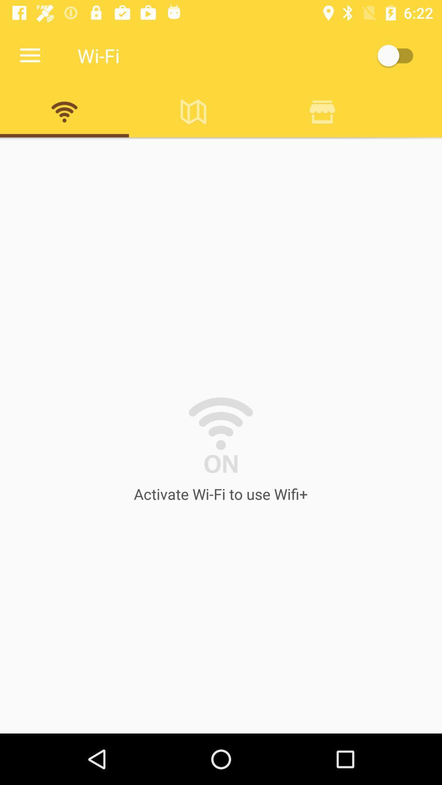  What do you see at coordinates (399, 55) in the screenshot?
I see `menu page` at bounding box center [399, 55].